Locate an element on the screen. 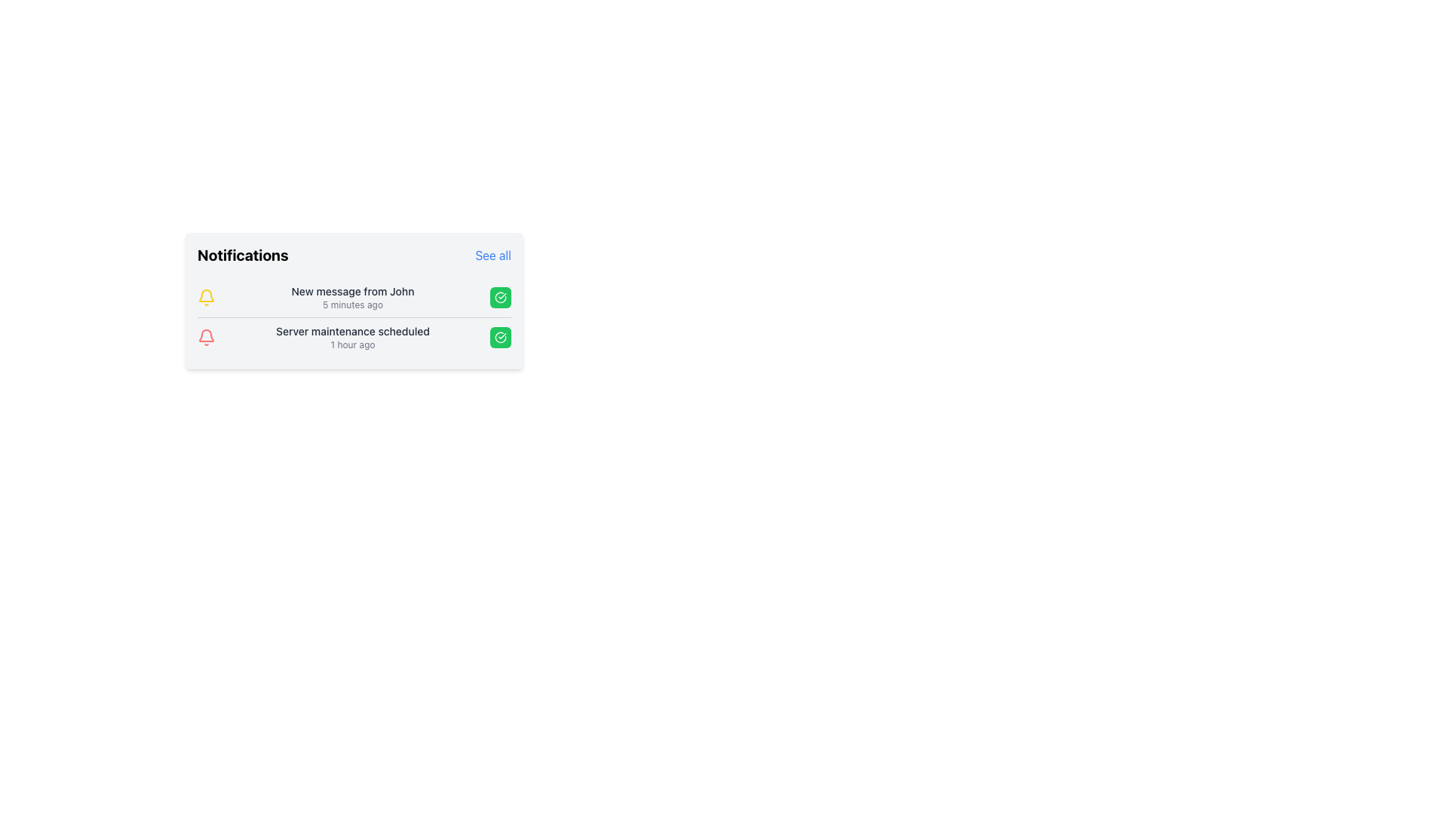 This screenshot has height=814, width=1448. the second notification entry in the 'Notifications' list that conveys information about scheduled server maintenance, located below the 'New message from John' notification and aligned with a red alert icon on the left and a green action button on the right is located at coordinates (351, 336).